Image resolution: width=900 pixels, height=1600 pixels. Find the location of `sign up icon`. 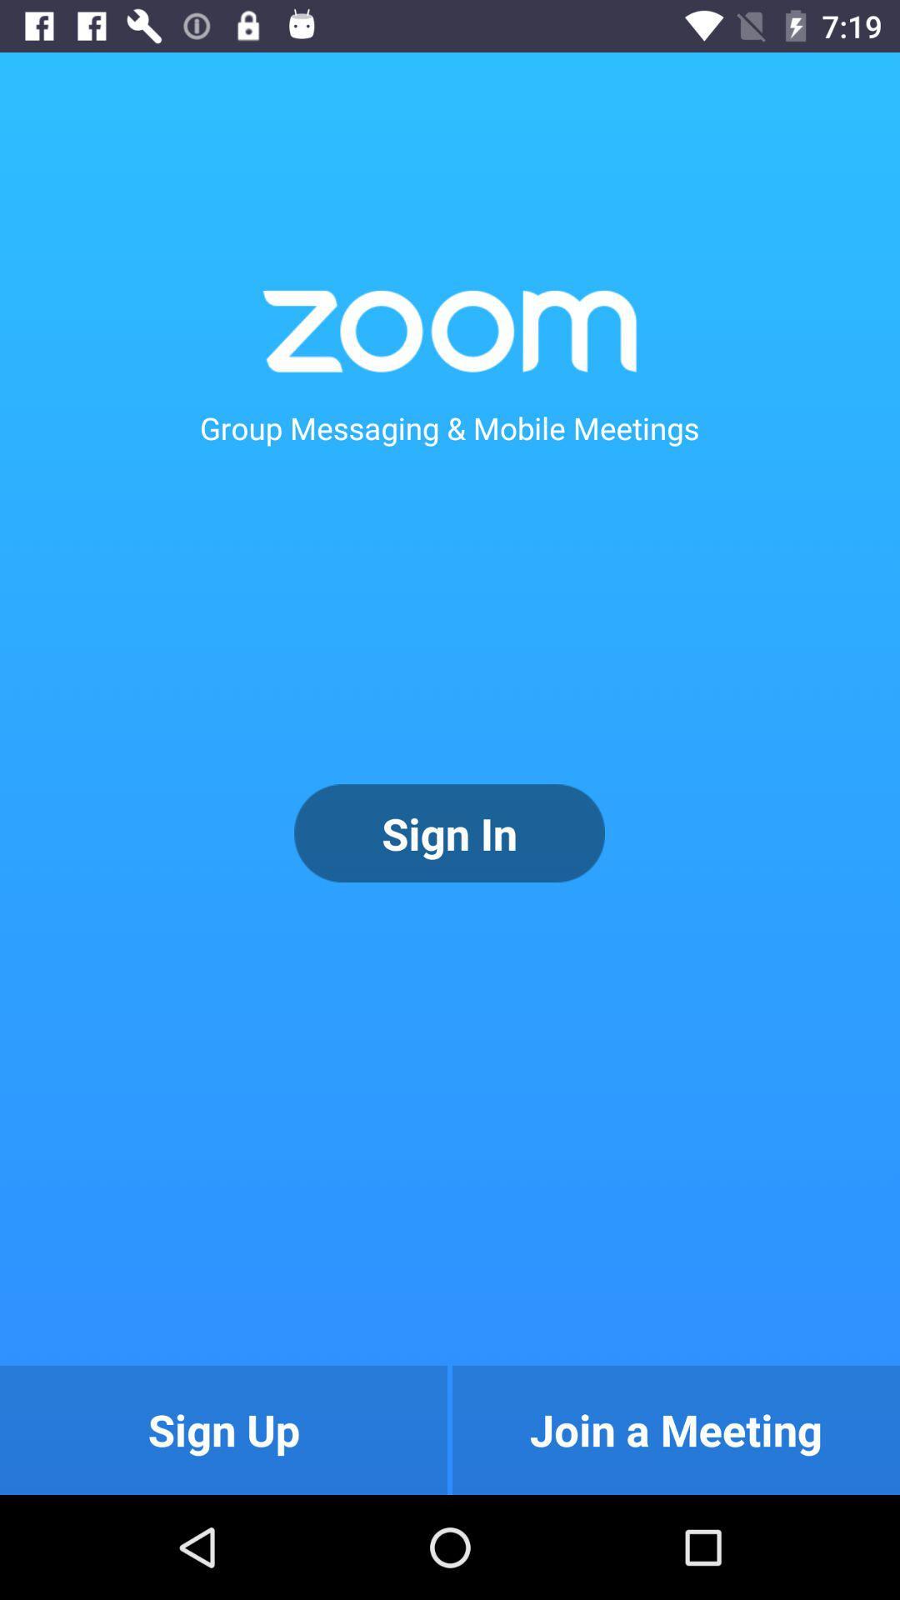

sign up icon is located at coordinates (222, 1429).